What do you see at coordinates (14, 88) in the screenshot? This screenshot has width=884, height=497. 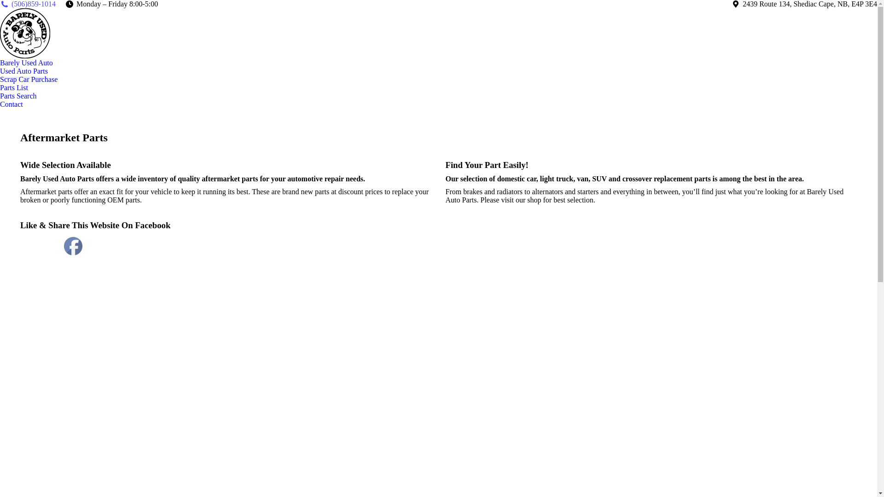 I see `'Parts List'` at bounding box center [14, 88].